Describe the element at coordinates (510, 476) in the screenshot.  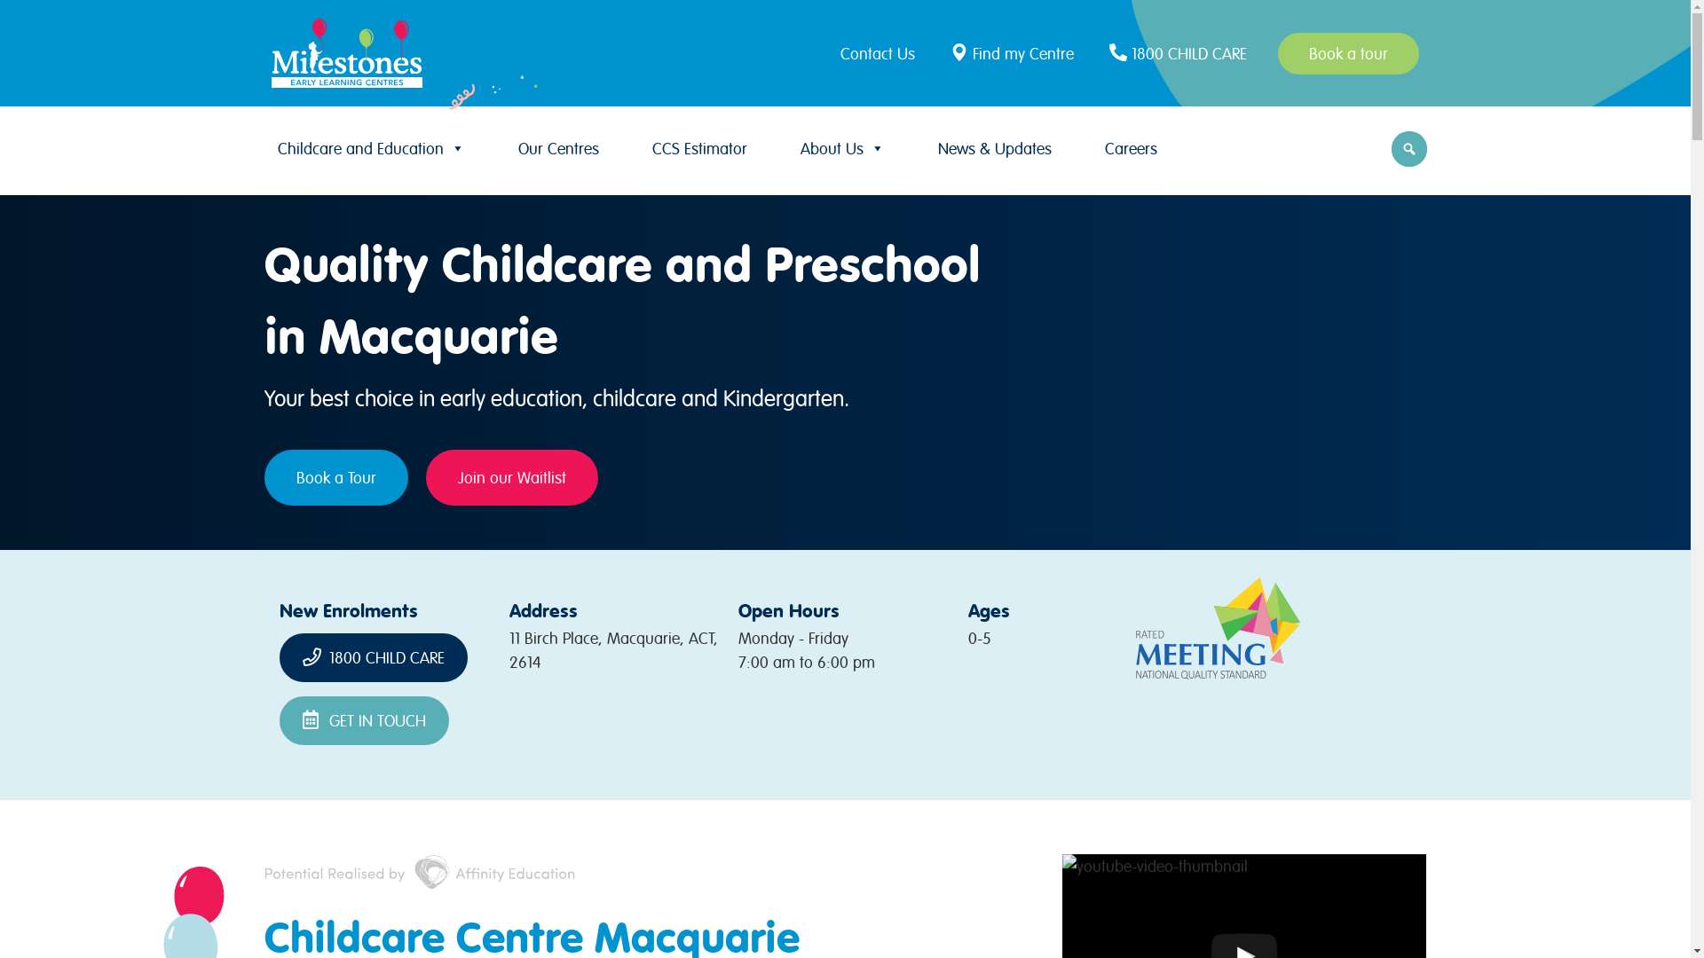
I see `'Join our Waitlist'` at that location.